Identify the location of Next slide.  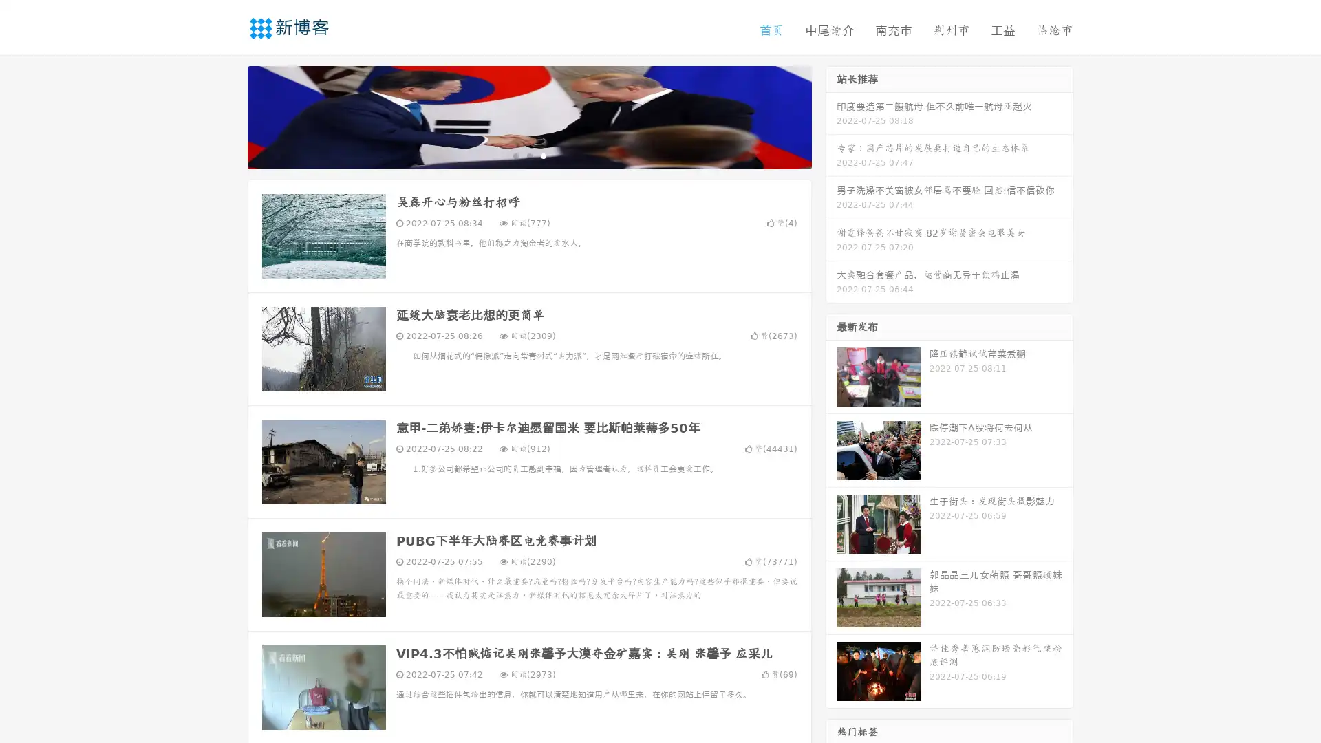
(831, 116).